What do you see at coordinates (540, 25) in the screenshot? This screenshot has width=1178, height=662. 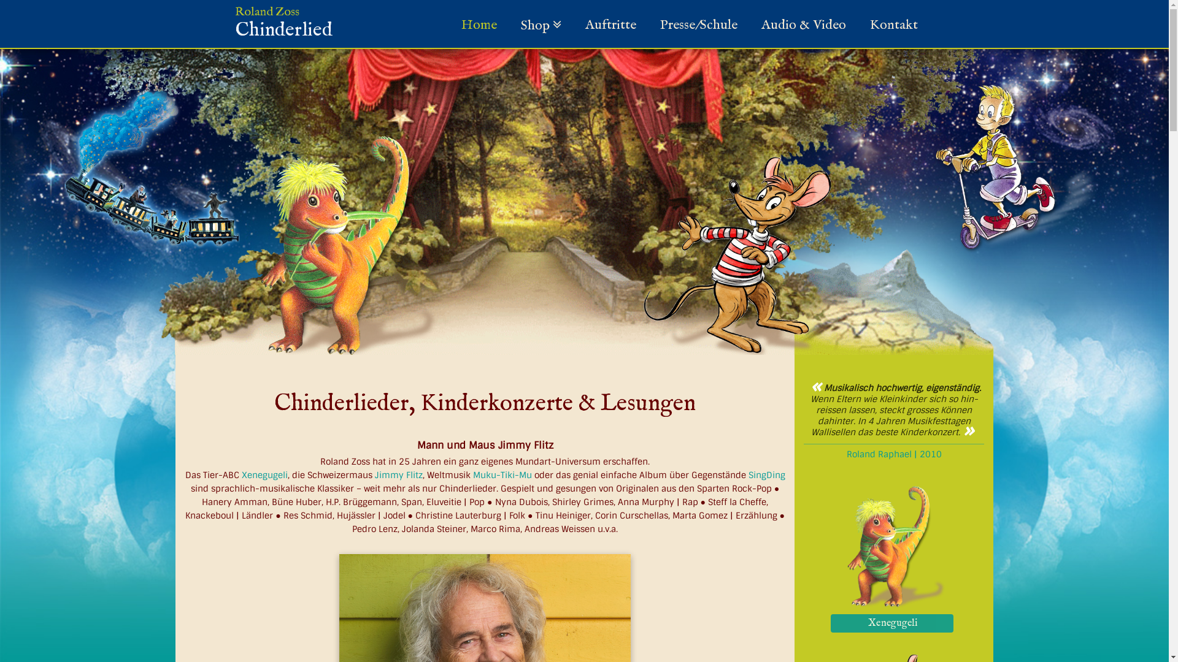 I see `'Shop'` at bounding box center [540, 25].